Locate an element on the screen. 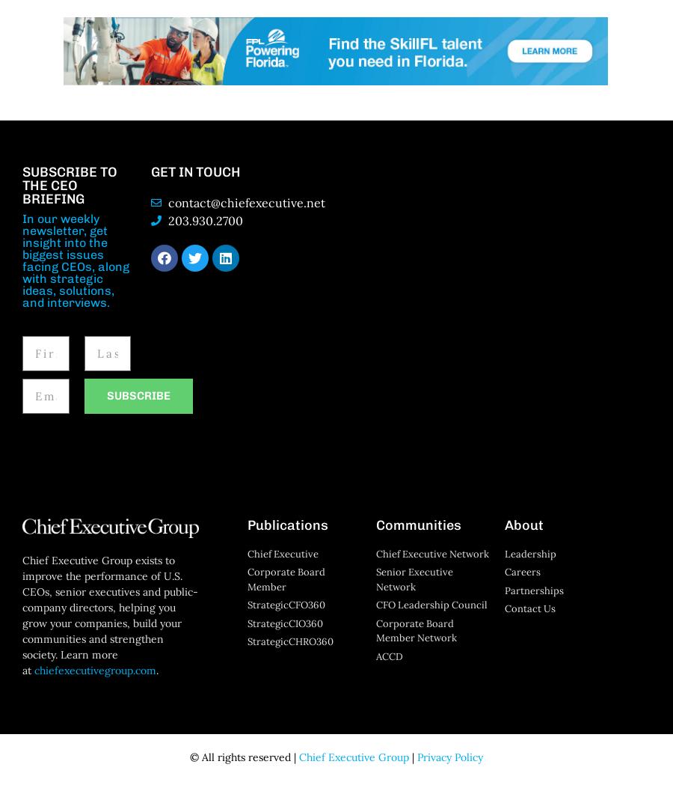  'About' is located at coordinates (523, 524).